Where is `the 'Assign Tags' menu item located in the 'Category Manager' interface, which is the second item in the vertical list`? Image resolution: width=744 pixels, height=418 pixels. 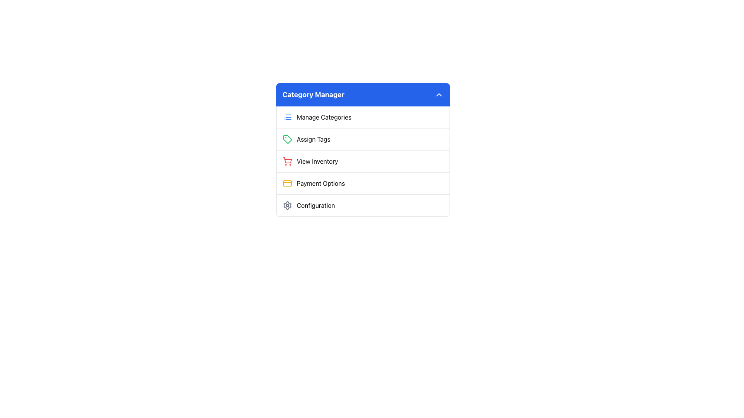
the 'Assign Tags' menu item located in the 'Category Manager' interface, which is the second item in the vertical list is located at coordinates (362, 139).